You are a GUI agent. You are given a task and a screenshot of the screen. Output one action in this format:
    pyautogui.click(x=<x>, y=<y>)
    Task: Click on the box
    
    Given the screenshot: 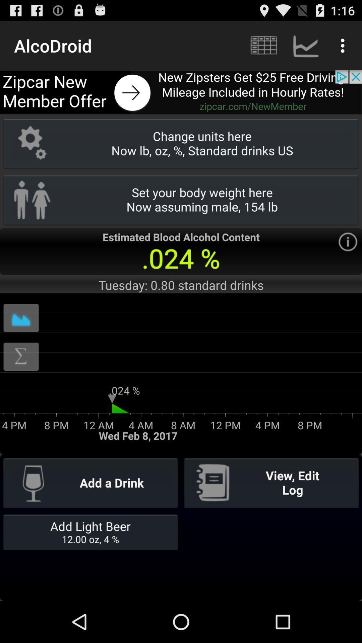 What is the action you would take?
    pyautogui.click(x=20, y=317)
    